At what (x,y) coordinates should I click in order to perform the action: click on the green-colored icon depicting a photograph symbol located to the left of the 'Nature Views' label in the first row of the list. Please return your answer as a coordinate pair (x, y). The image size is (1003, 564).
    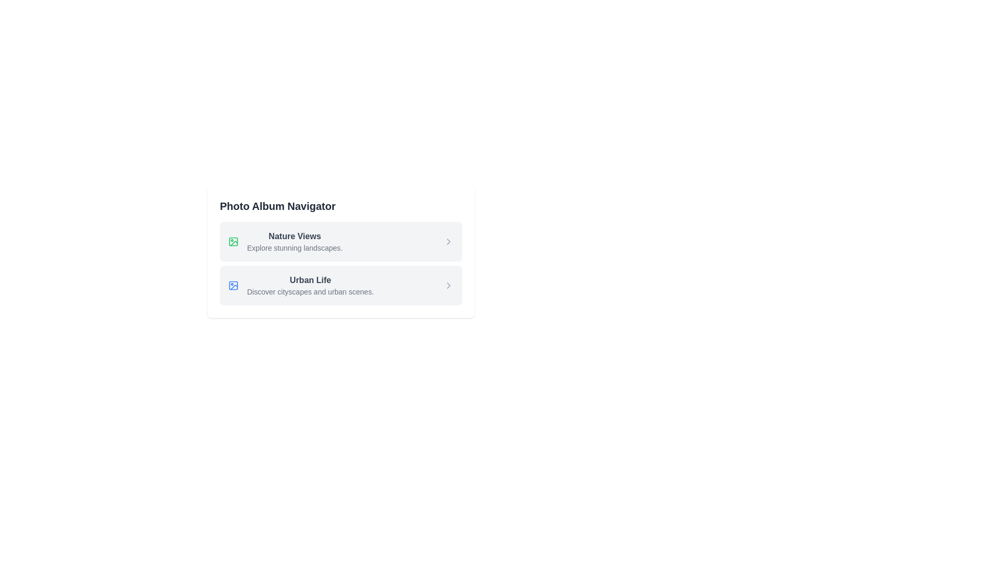
    Looking at the image, I should click on (232, 241).